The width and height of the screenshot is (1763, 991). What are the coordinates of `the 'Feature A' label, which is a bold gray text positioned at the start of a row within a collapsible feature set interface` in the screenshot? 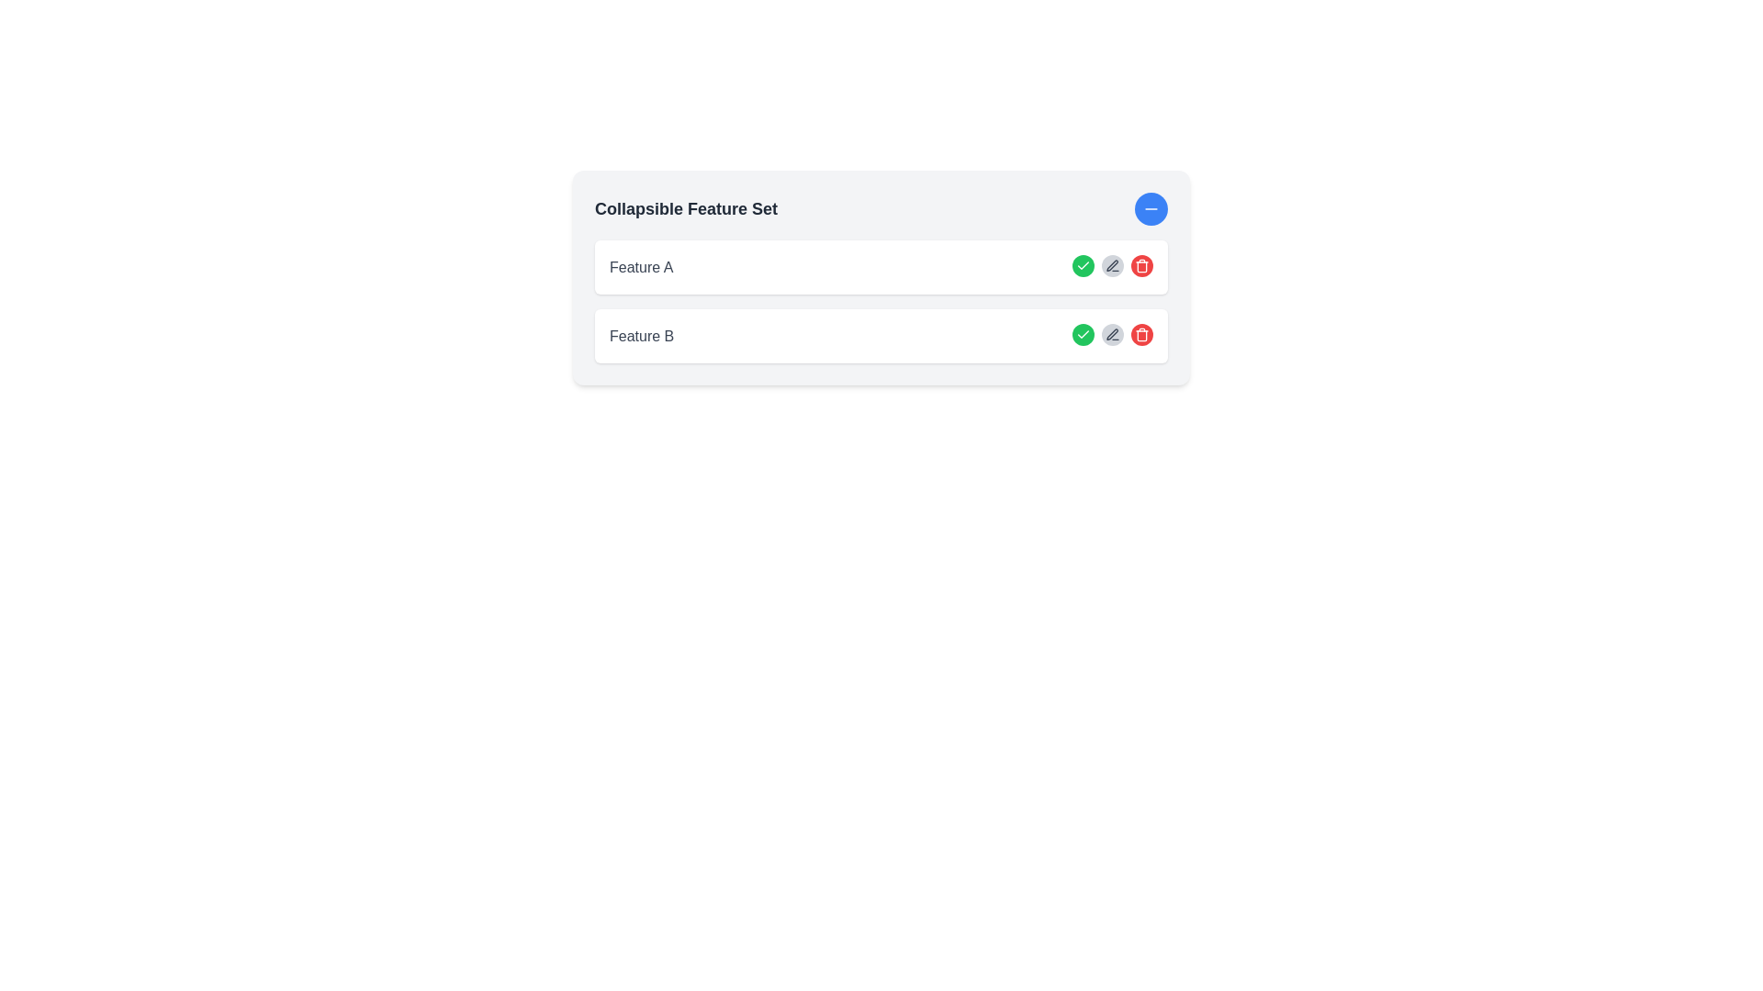 It's located at (641, 267).